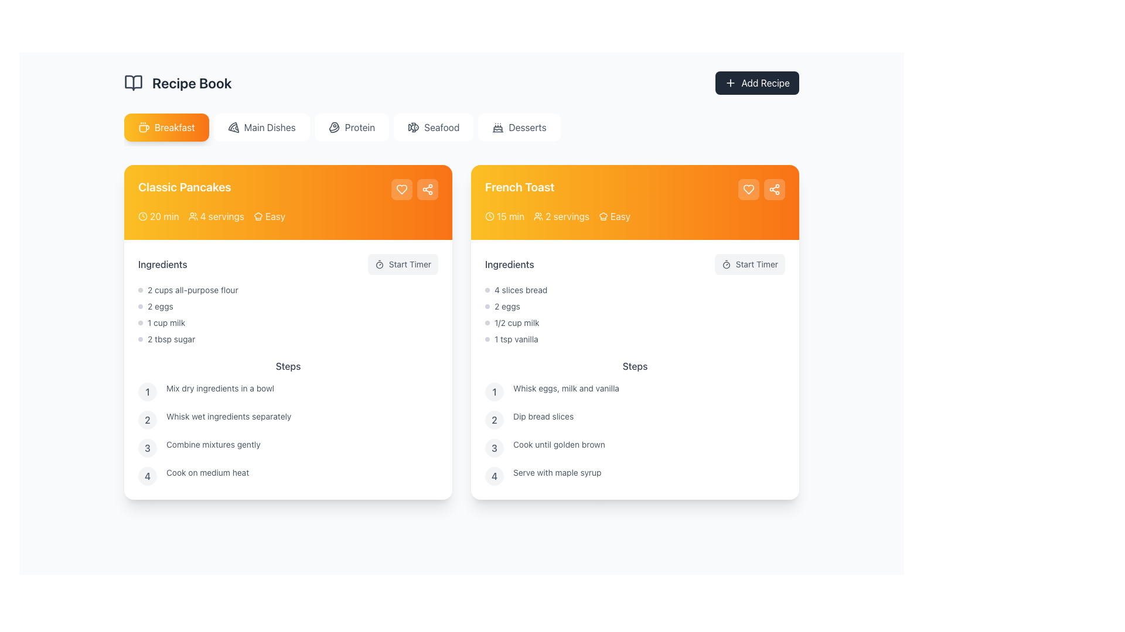 Image resolution: width=1125 pixels, height=632 pixels. I want to click on the circular clock icon located on the left-hand side of the 'Start Timer' button within the 'French Toast' card, so click(489, 217).